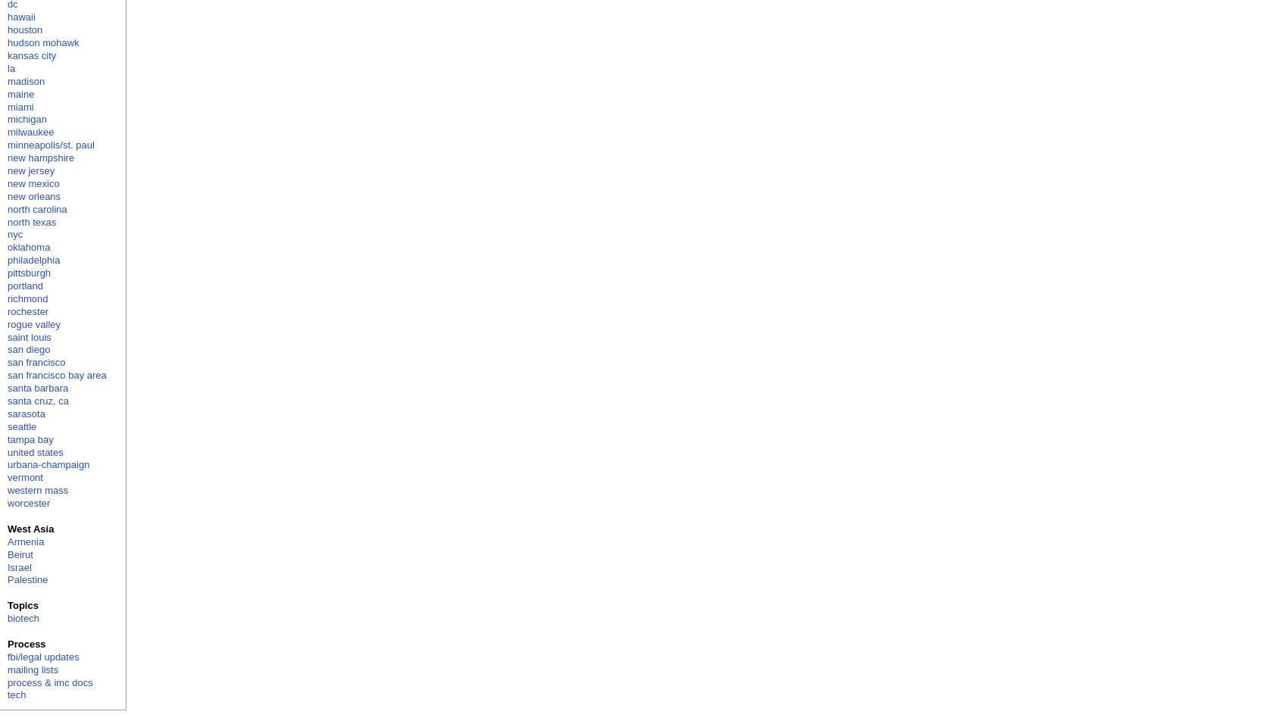 This screenshot has height=721, width=1282. I want to click on 'urbana-champaign', so click(47, 464).